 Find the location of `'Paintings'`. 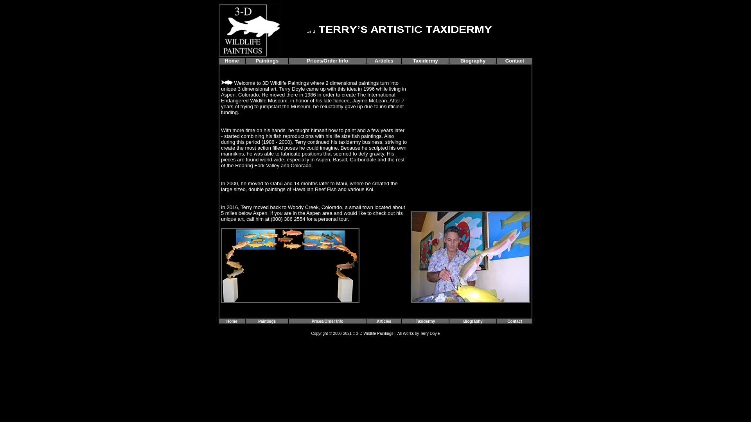

'Paintings' is located at coordinates (267, 320).